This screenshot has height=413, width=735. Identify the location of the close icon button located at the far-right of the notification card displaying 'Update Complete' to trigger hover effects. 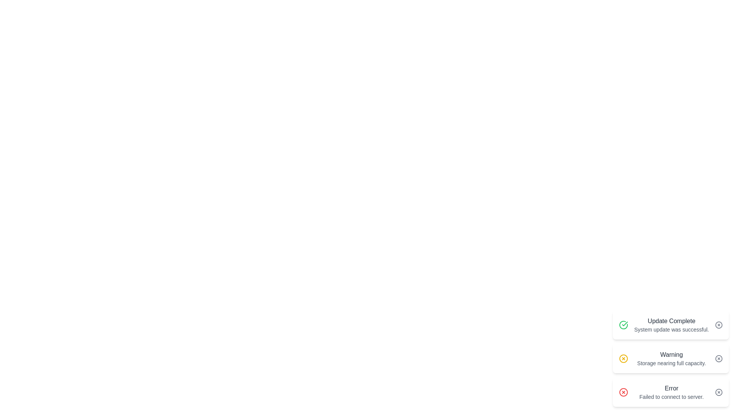
(718, 325).